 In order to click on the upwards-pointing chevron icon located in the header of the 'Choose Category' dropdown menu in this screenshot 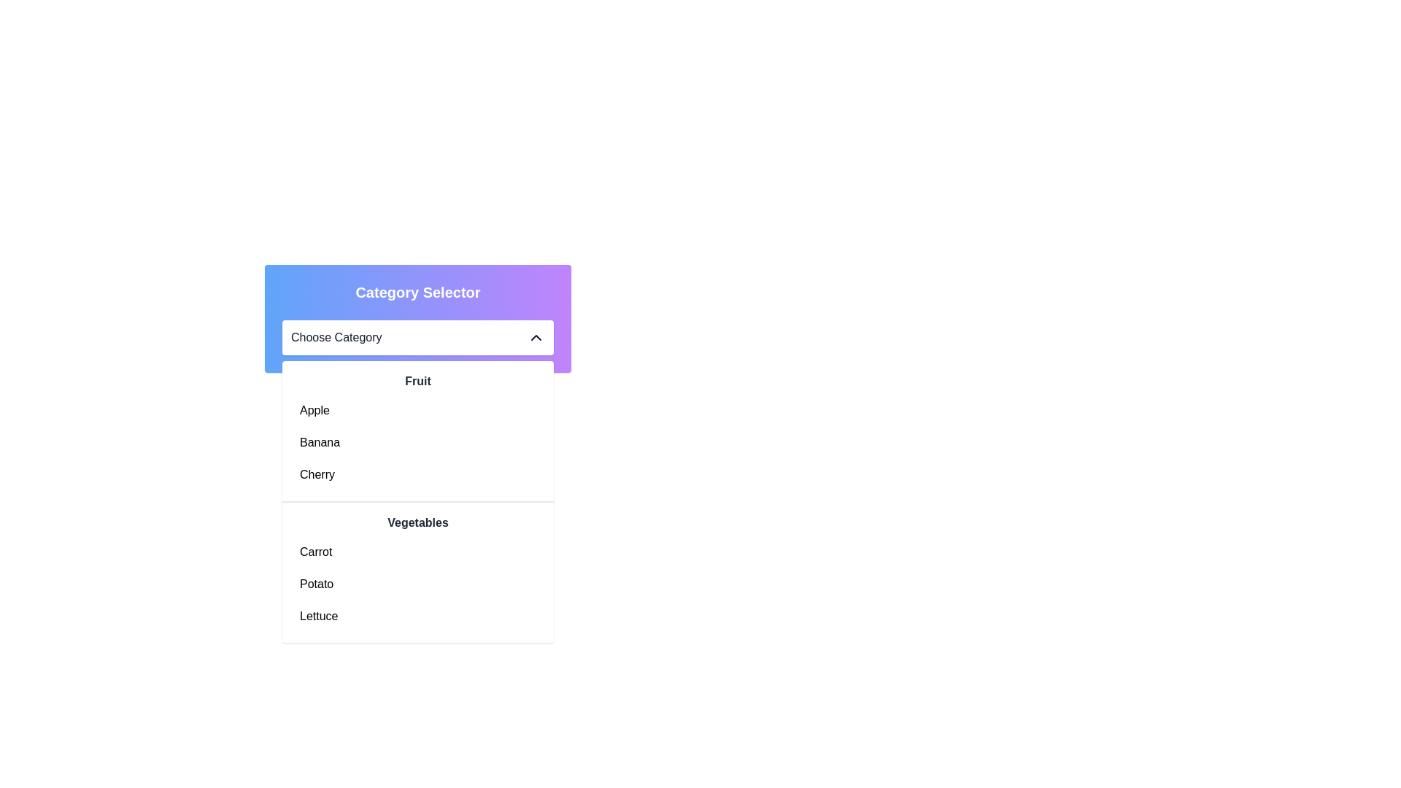, I will do `click(535, 337)`.